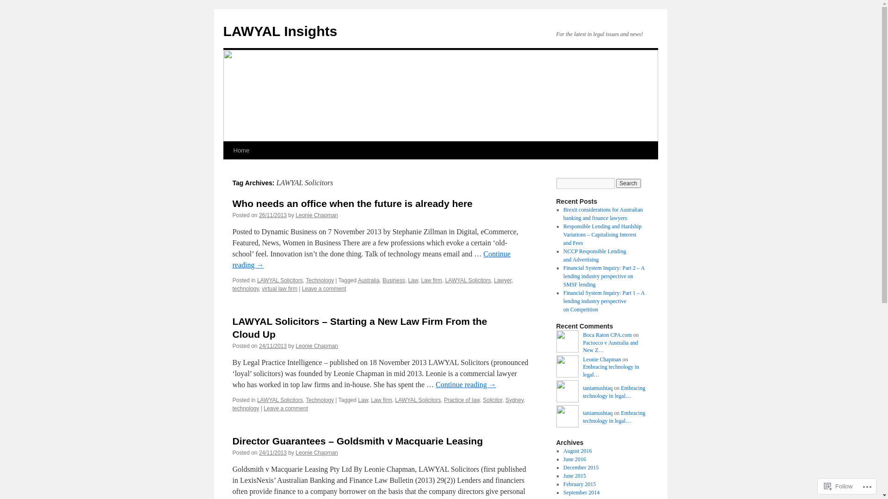 Image resolution: width=888 pixels, height=499 pixels. Describe the element at coordinates (628, 183) in the screenshot. I see `'Search'` at that location.